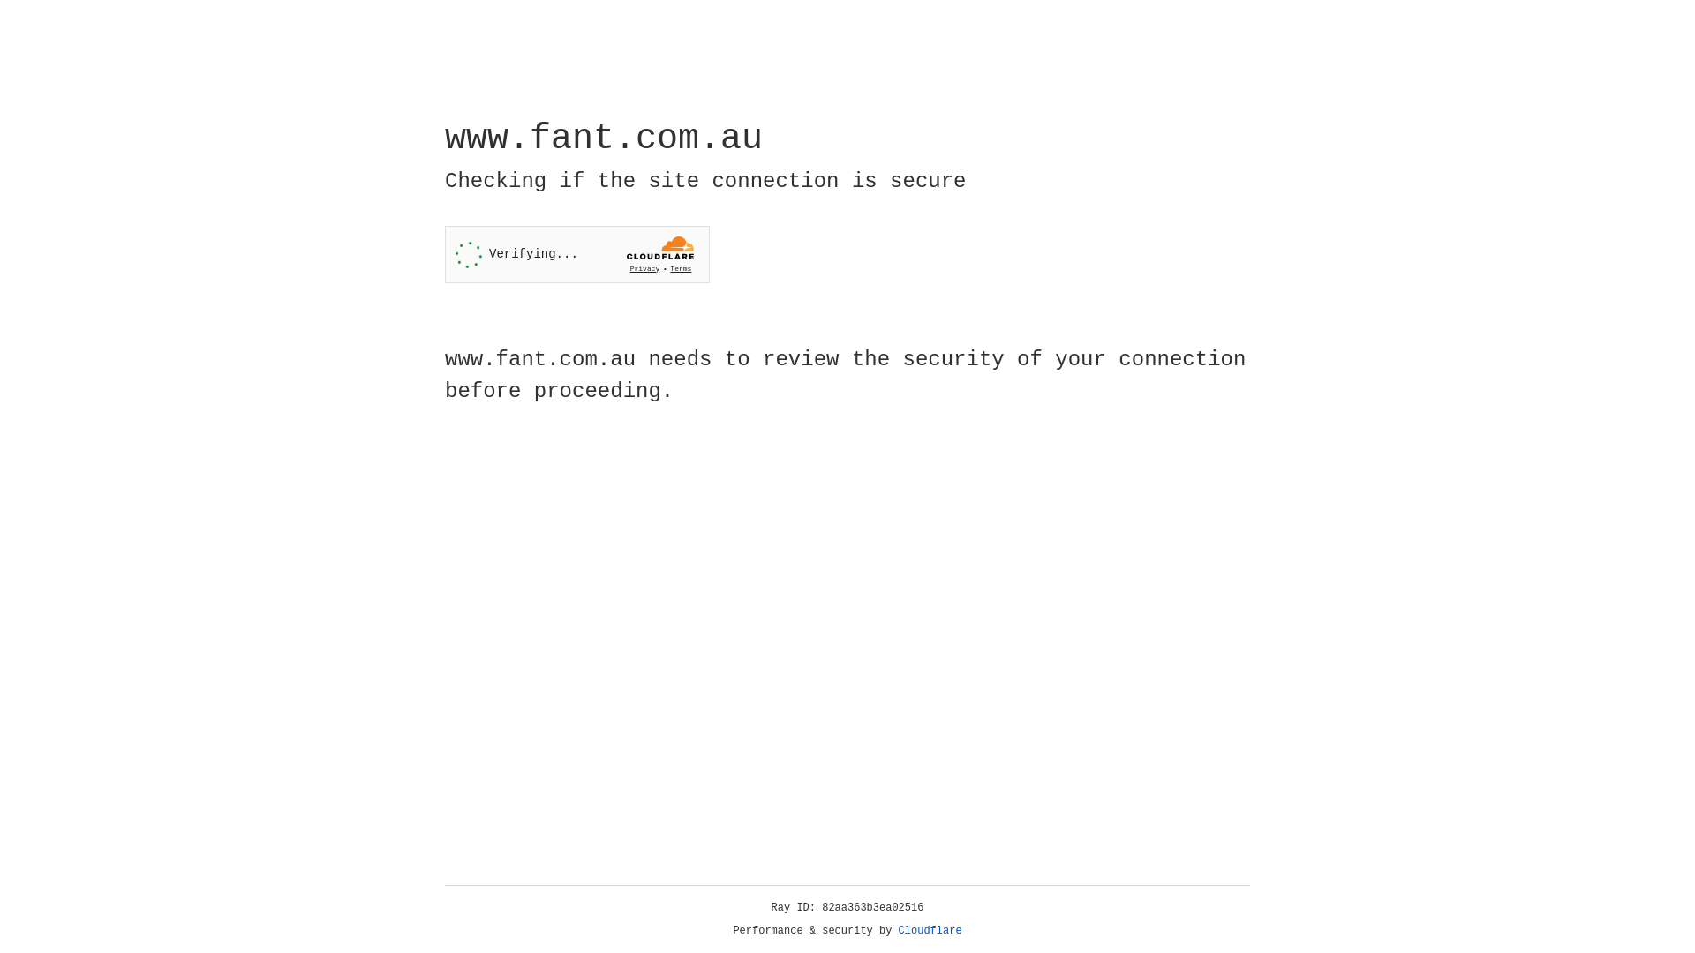 The height and width of the screenshot is (953, 1695). What do you see at coordinates (930, 930) in the screenshot?
I see `'Cloudflare'` at bounding box center [930, 930].